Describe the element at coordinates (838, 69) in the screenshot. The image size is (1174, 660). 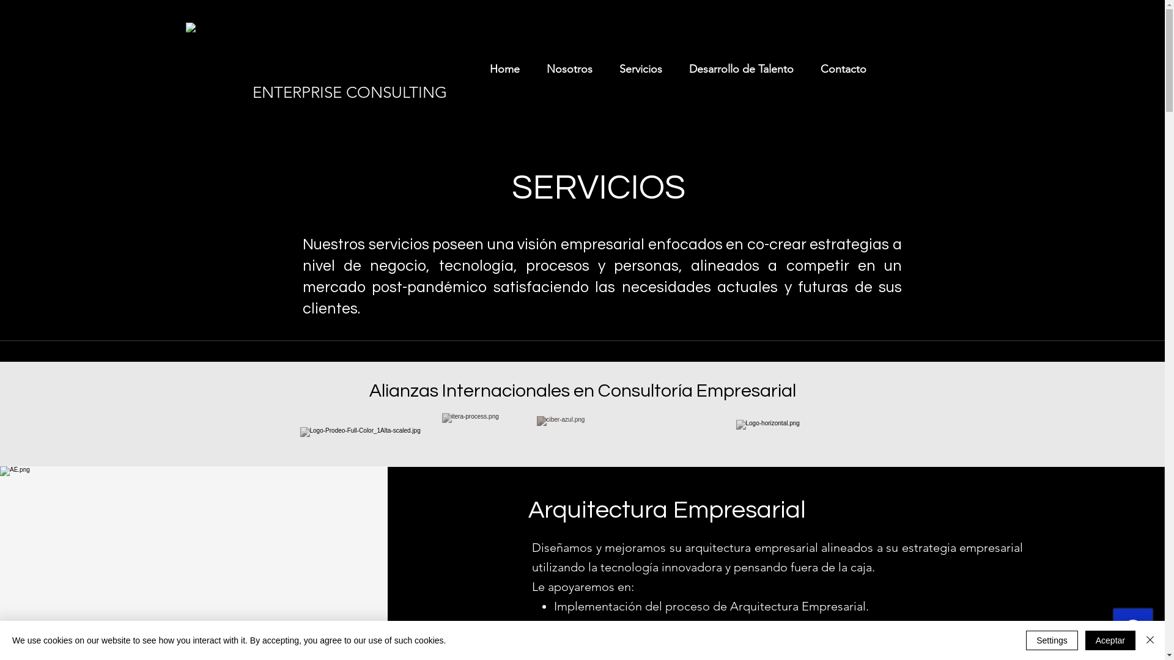
I see `'Contacto'` at that location.